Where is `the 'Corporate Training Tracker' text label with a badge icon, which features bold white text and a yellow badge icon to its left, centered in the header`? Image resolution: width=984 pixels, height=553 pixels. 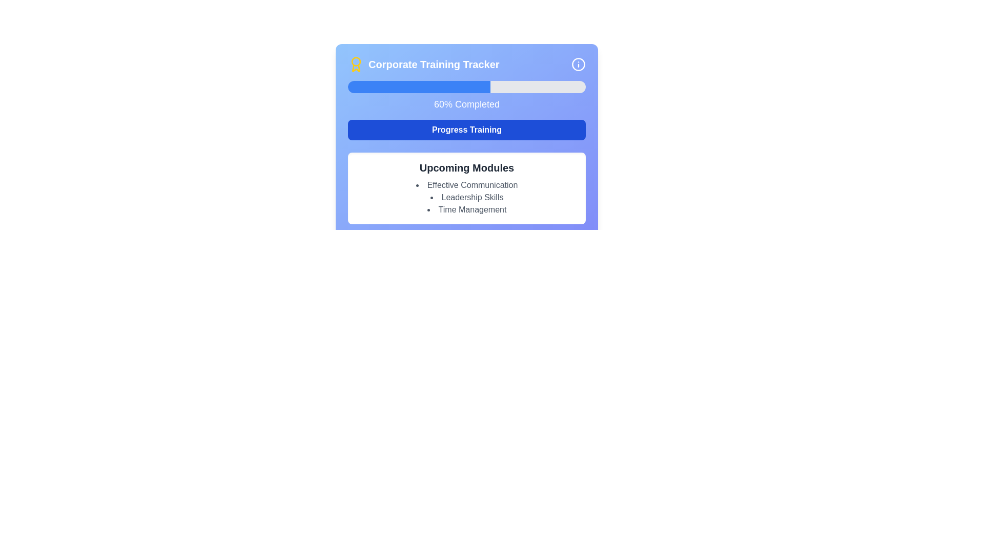
the 'Corporate Training Tracker' text label with a badge icon, which features bold white text and a yellow badge icon to its left, centered in the header is located at coordinates (423, 65).